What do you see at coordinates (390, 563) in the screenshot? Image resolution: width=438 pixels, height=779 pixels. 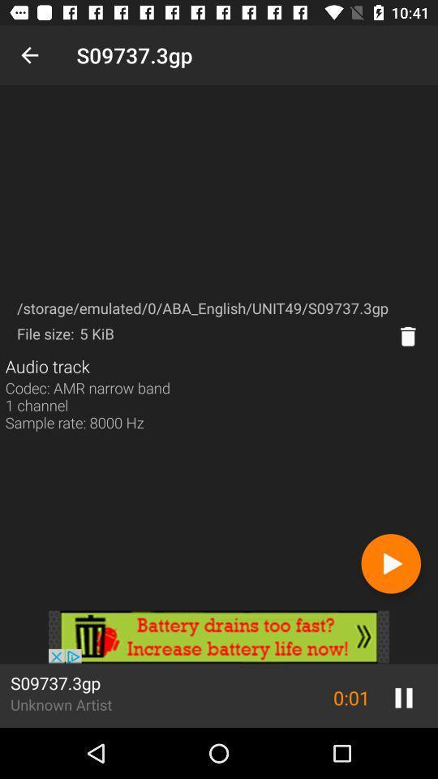 I see `the play icon` at bounding box center [390, 563].